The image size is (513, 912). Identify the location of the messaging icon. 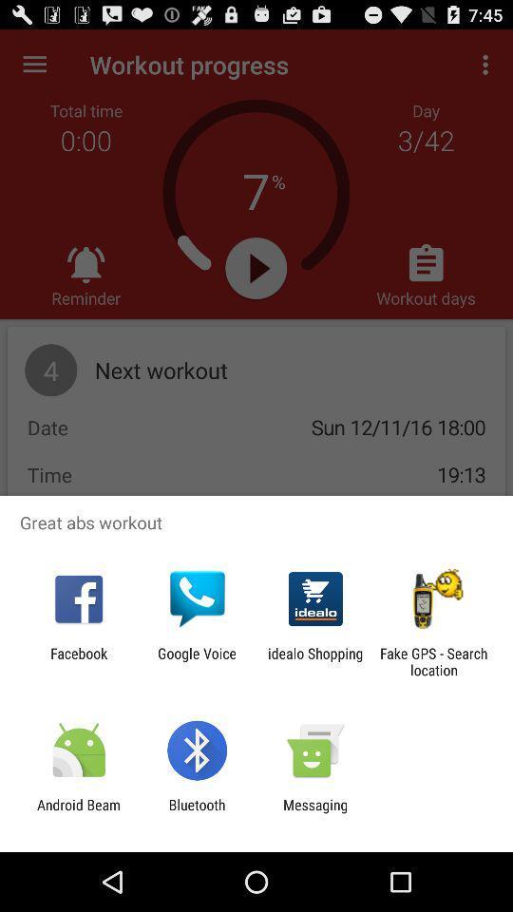
(315, 812).